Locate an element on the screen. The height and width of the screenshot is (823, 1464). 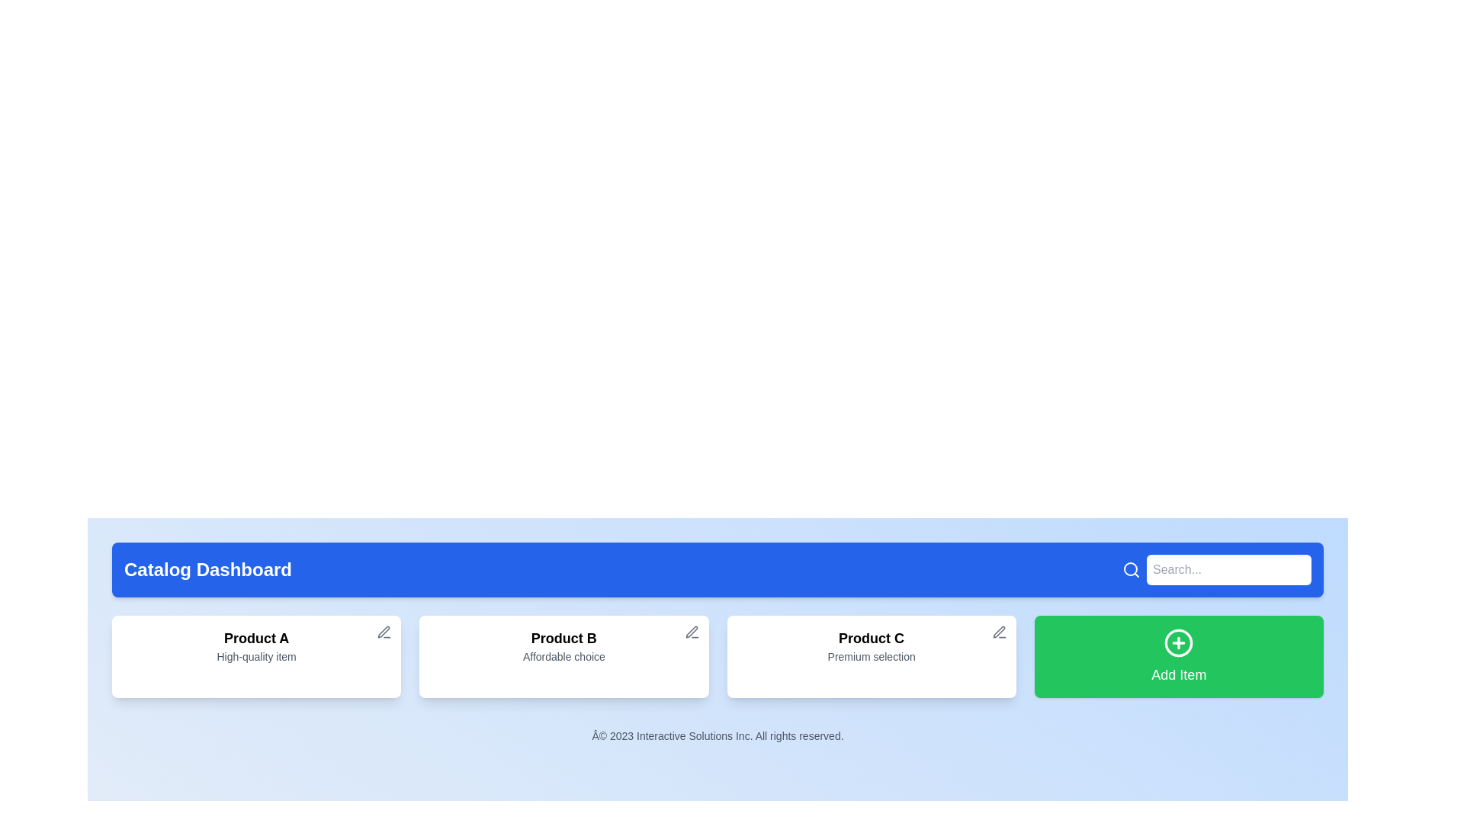
the second card in the horizontal grid, which displays 'Product B' and contains a pen icon at the top-right corner is located at coordinates (563, 655).